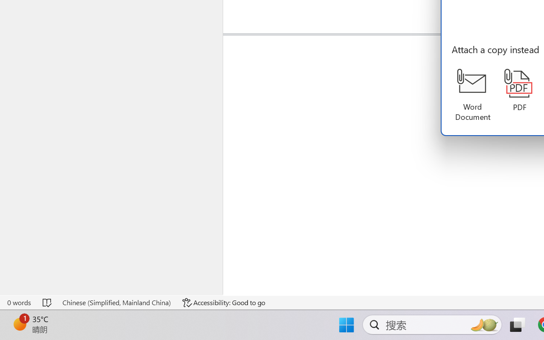  What do you see at coordinates (472, 95) in the screenshot?
I see `'Word Document'` at bounding box center [472, 95].